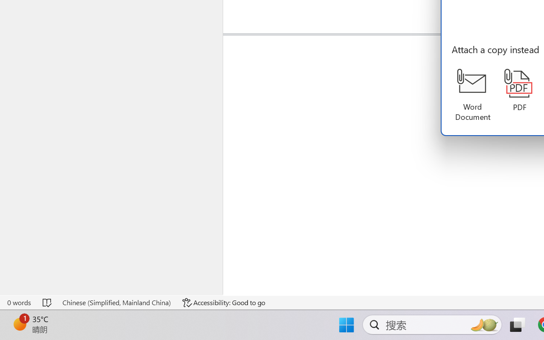  What do you see at coordinates (472, 95) in the screenshot?
I see `'Word Document'` at bounding box center [472, 95].